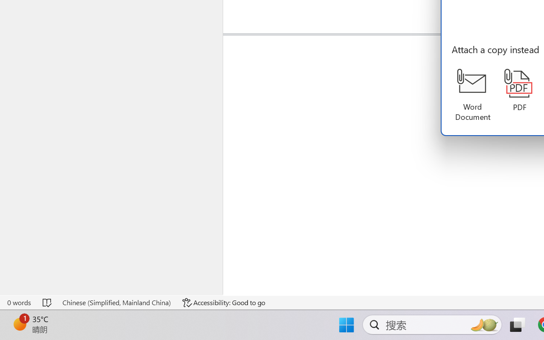  What do you see at coordinates (472, 95) in the screenshot?
I see `'Word Document'` at bounding box center [472, 95].